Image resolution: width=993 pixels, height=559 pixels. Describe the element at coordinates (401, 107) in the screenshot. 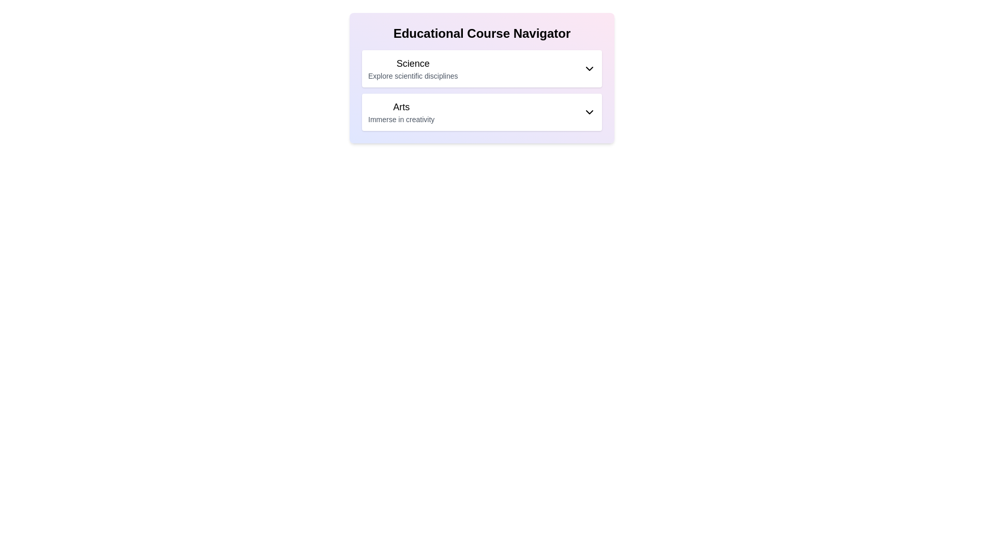

I see `the static text label denoting the 'Arts' category in the educational course selection interface` at that location.